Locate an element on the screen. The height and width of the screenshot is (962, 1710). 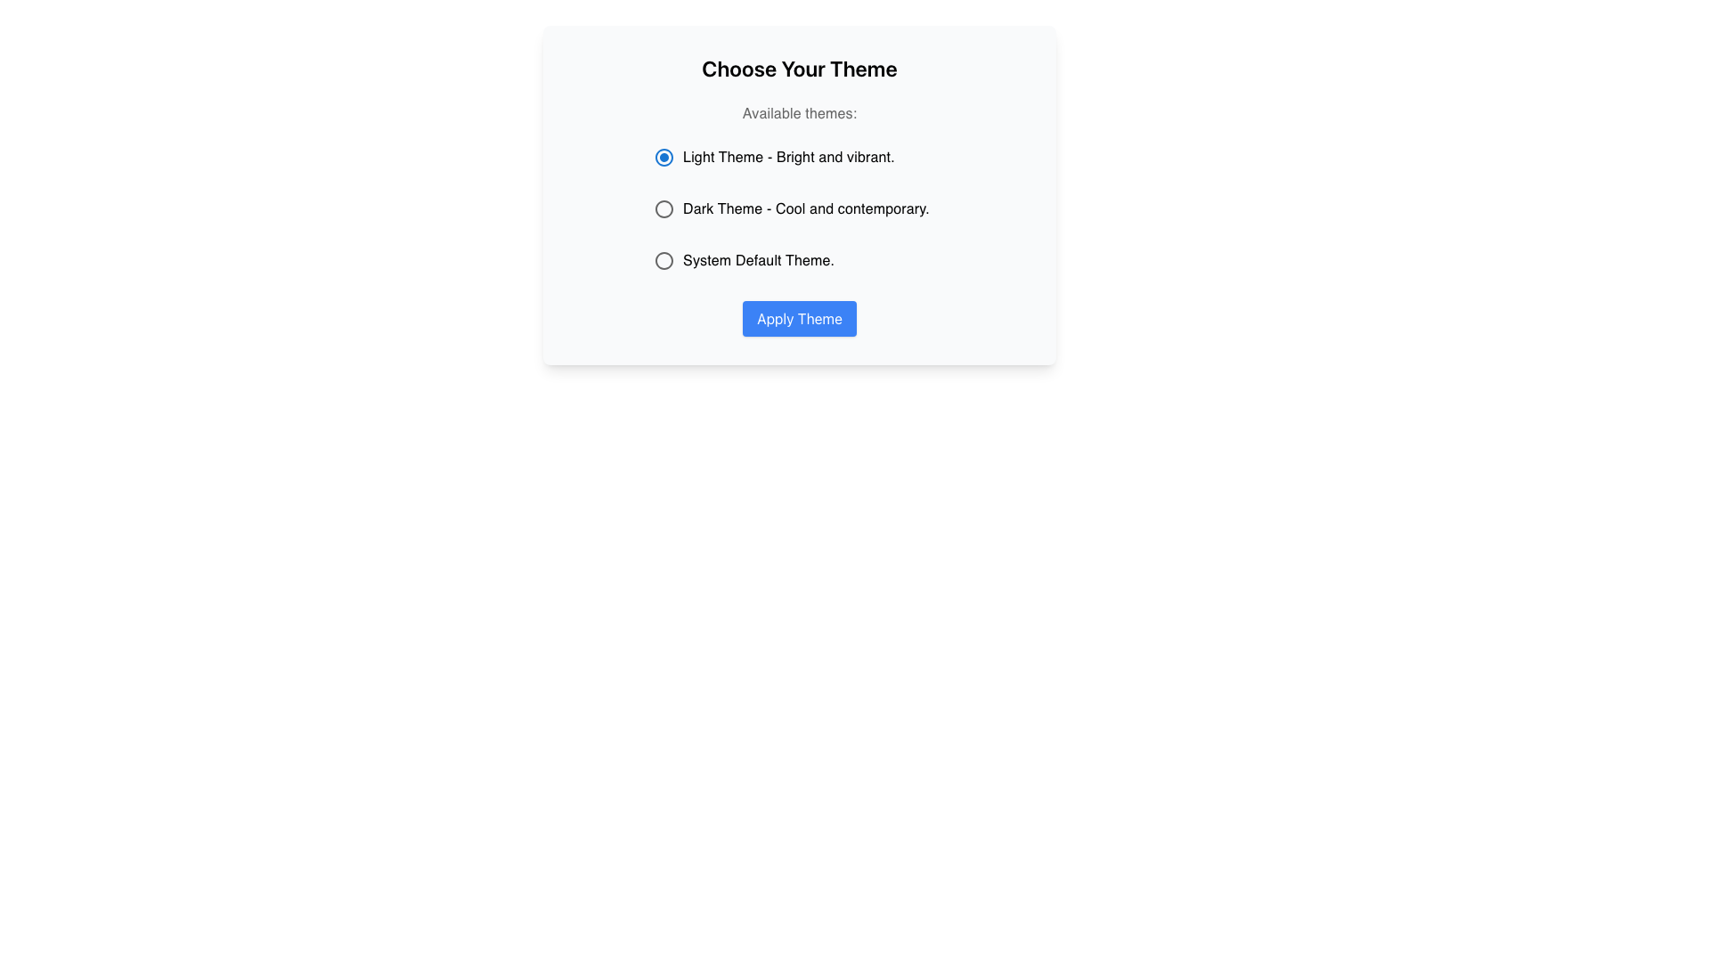
the 'Dark Theme' radio button is located at coordinates (664, 208).